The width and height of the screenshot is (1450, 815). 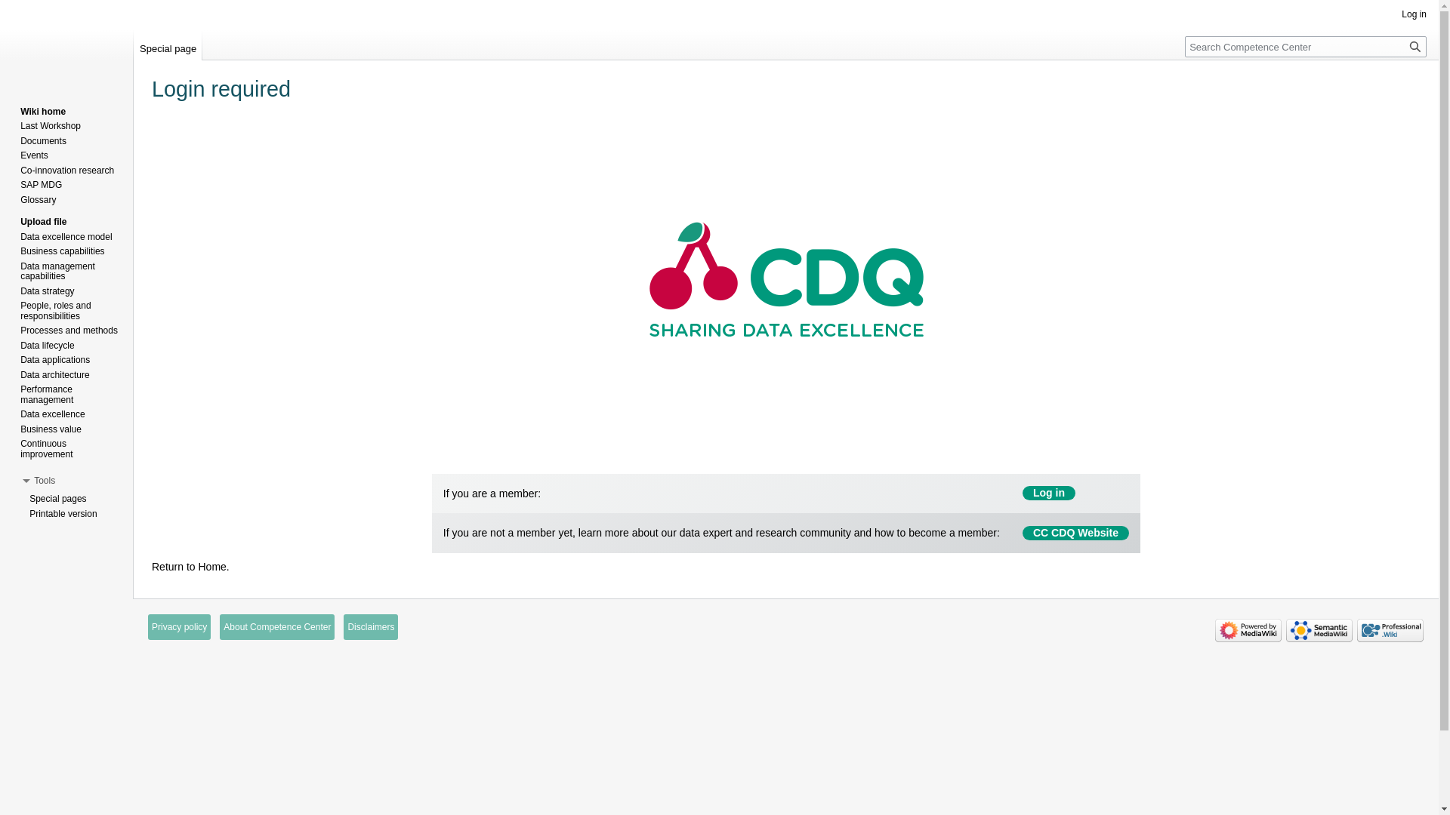 I want to click on 'Data management capabilities', so click(x=57, y=270).